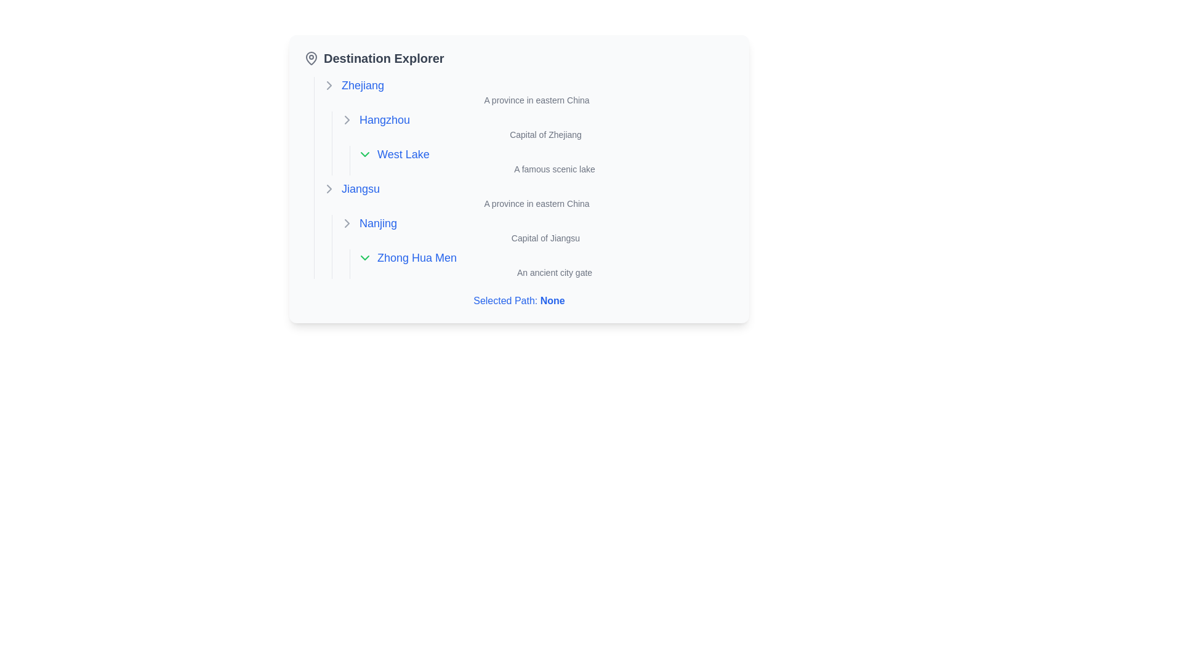  What do you see at coordinates (347, 120) in the screenshot?
I see `the left-pointing chevron icon next to the text 'Hangzhou'` at bounding box center [347, 120].